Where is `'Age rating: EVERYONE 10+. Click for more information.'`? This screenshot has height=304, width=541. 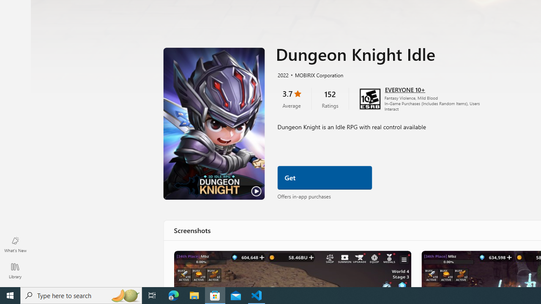
'Age rating: EVERYONE 10+. Click for more information.' is located at coordinates (404, 90).